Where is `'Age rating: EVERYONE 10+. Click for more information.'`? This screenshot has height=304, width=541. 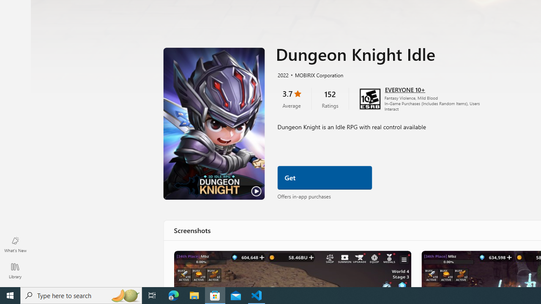
'Age rating: EVERYONE 10+. Click for more information.' is located at coordinates (404, 90).